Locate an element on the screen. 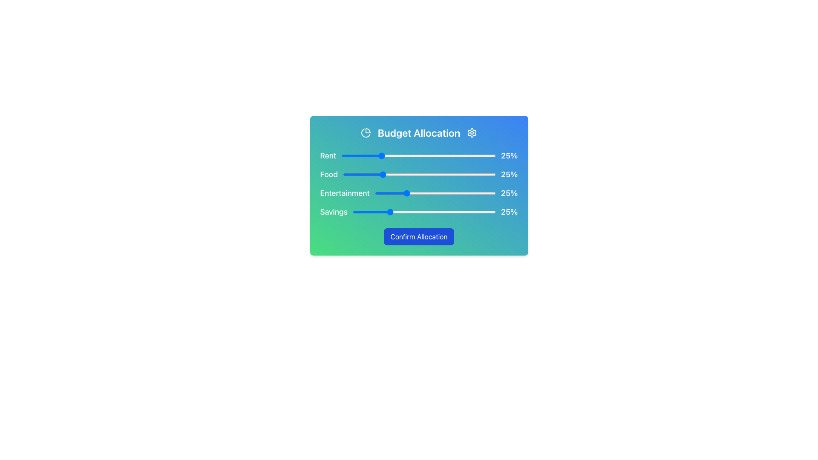 Image resolution: width=818 pixels, height=460 pixels. the savings allocation is located at coordinates (405, 211).